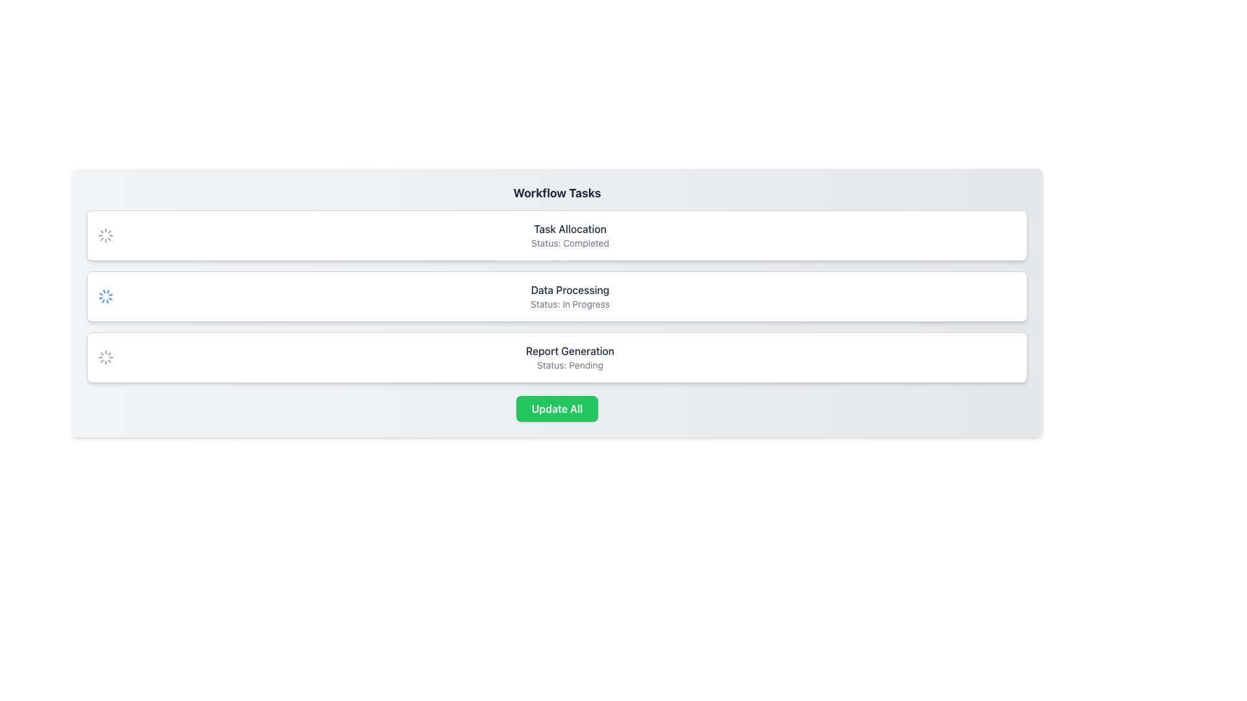 The image size is (1247, 701). I want to click on text content from the Text Label located in the 'Task Allocation' section, positioned above the 'Status: Completed', so click(570, 228).